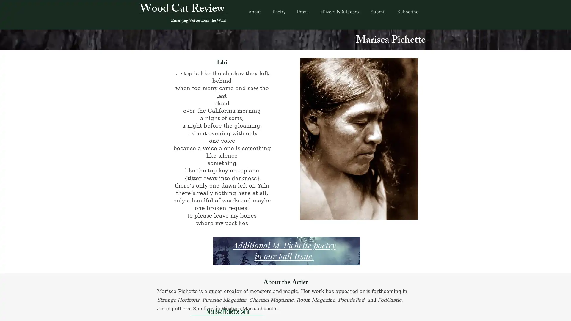  I want to click on Close, so click(564, 311).